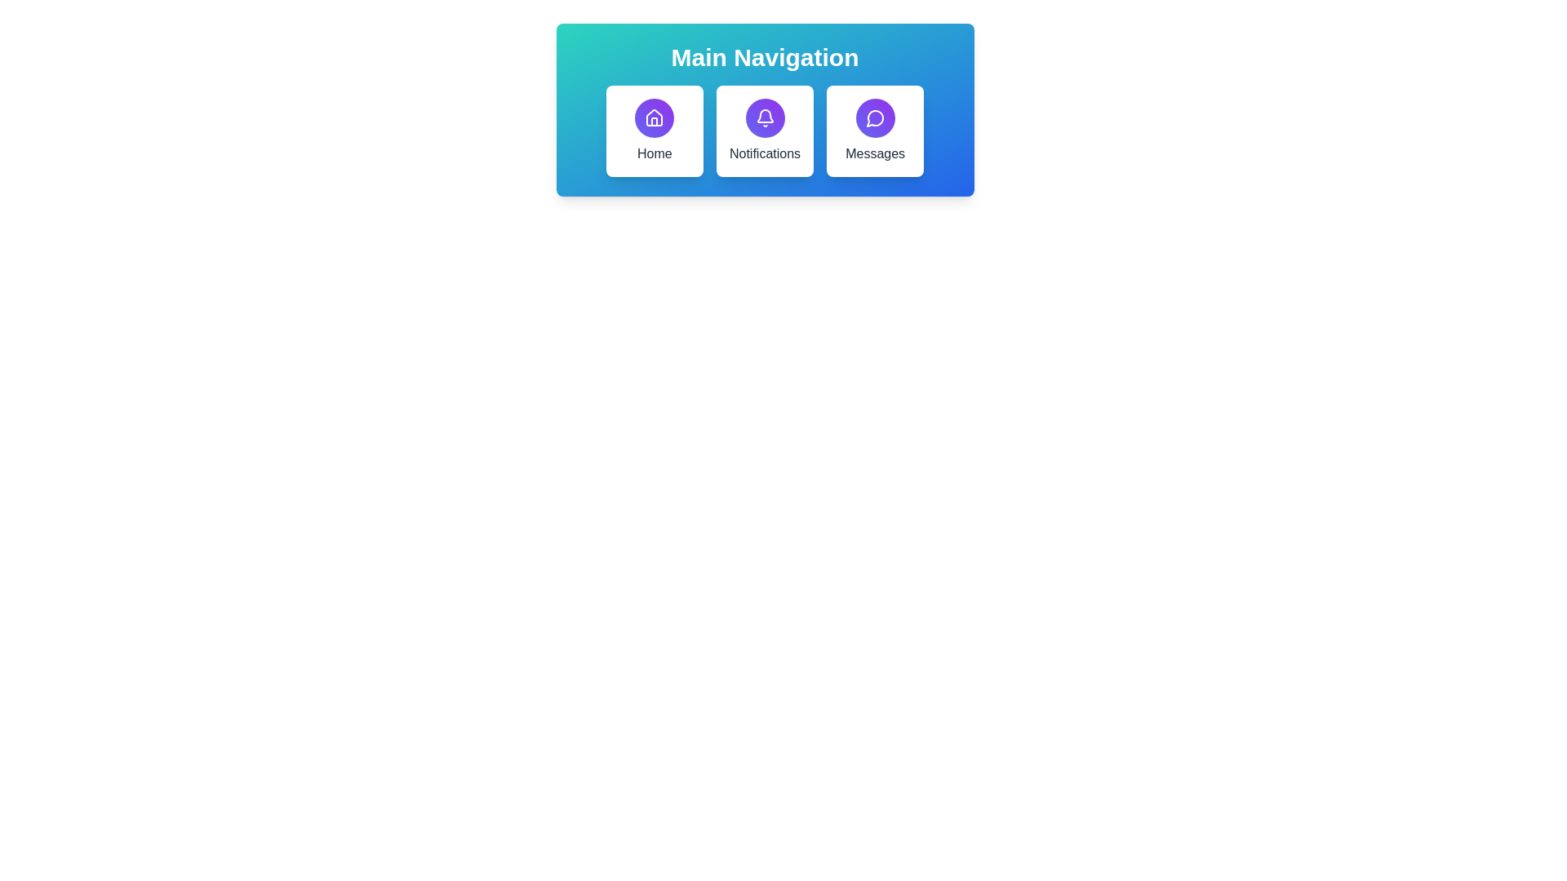 Image resolution: width=1567 pixels, height=881 pixels. I want to click on the Messages icon (SVG) representing the chat functionality in the navigation bar, which is the third element in the horizontally arranged navigation buttons, so click(874, 117).